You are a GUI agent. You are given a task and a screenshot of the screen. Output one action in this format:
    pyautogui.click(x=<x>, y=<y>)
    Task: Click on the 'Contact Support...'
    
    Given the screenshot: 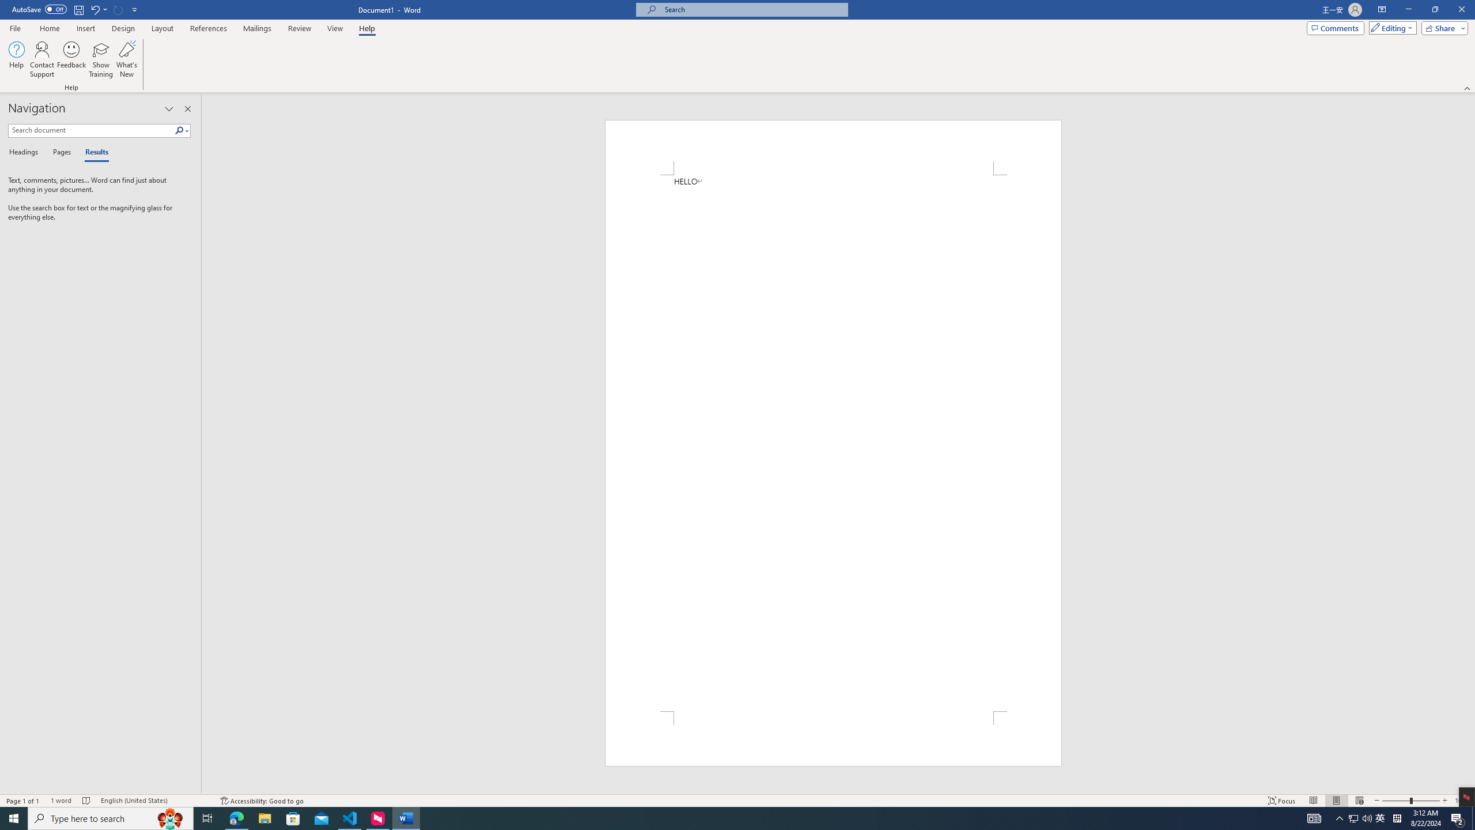 What is the action you would take?
    pyautogui.click(x=42, y=59)
    